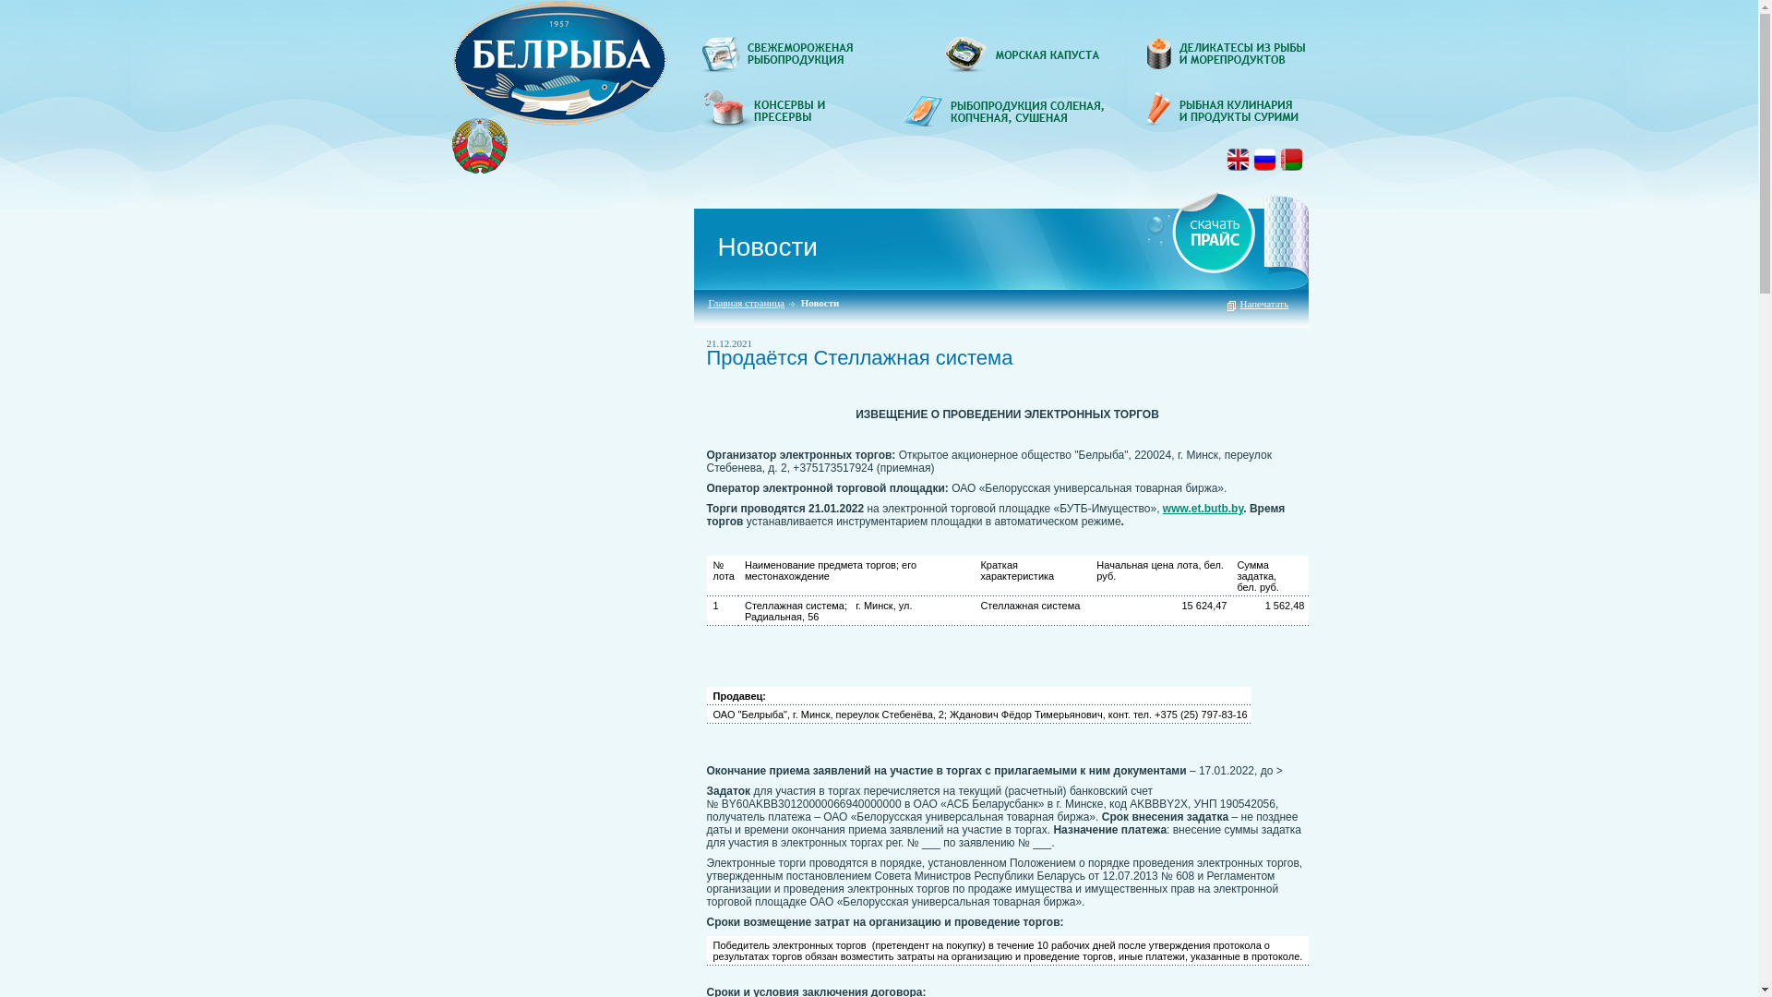  What do you see at coordinates (1290, 158) in the screenshot?
I see `'BY'` at bounding box center [1290, 158].